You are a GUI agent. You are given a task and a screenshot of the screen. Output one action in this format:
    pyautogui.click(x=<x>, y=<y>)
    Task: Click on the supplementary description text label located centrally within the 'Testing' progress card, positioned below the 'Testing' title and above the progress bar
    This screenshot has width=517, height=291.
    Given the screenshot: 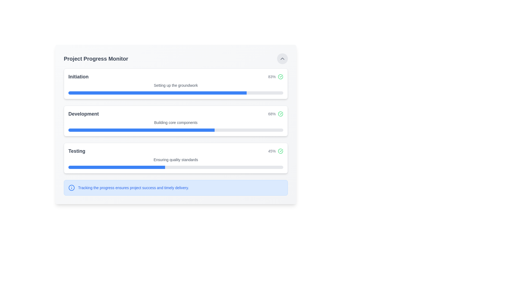 What is the action you would take?
    pyautogui.click(x=176, y=160)
    